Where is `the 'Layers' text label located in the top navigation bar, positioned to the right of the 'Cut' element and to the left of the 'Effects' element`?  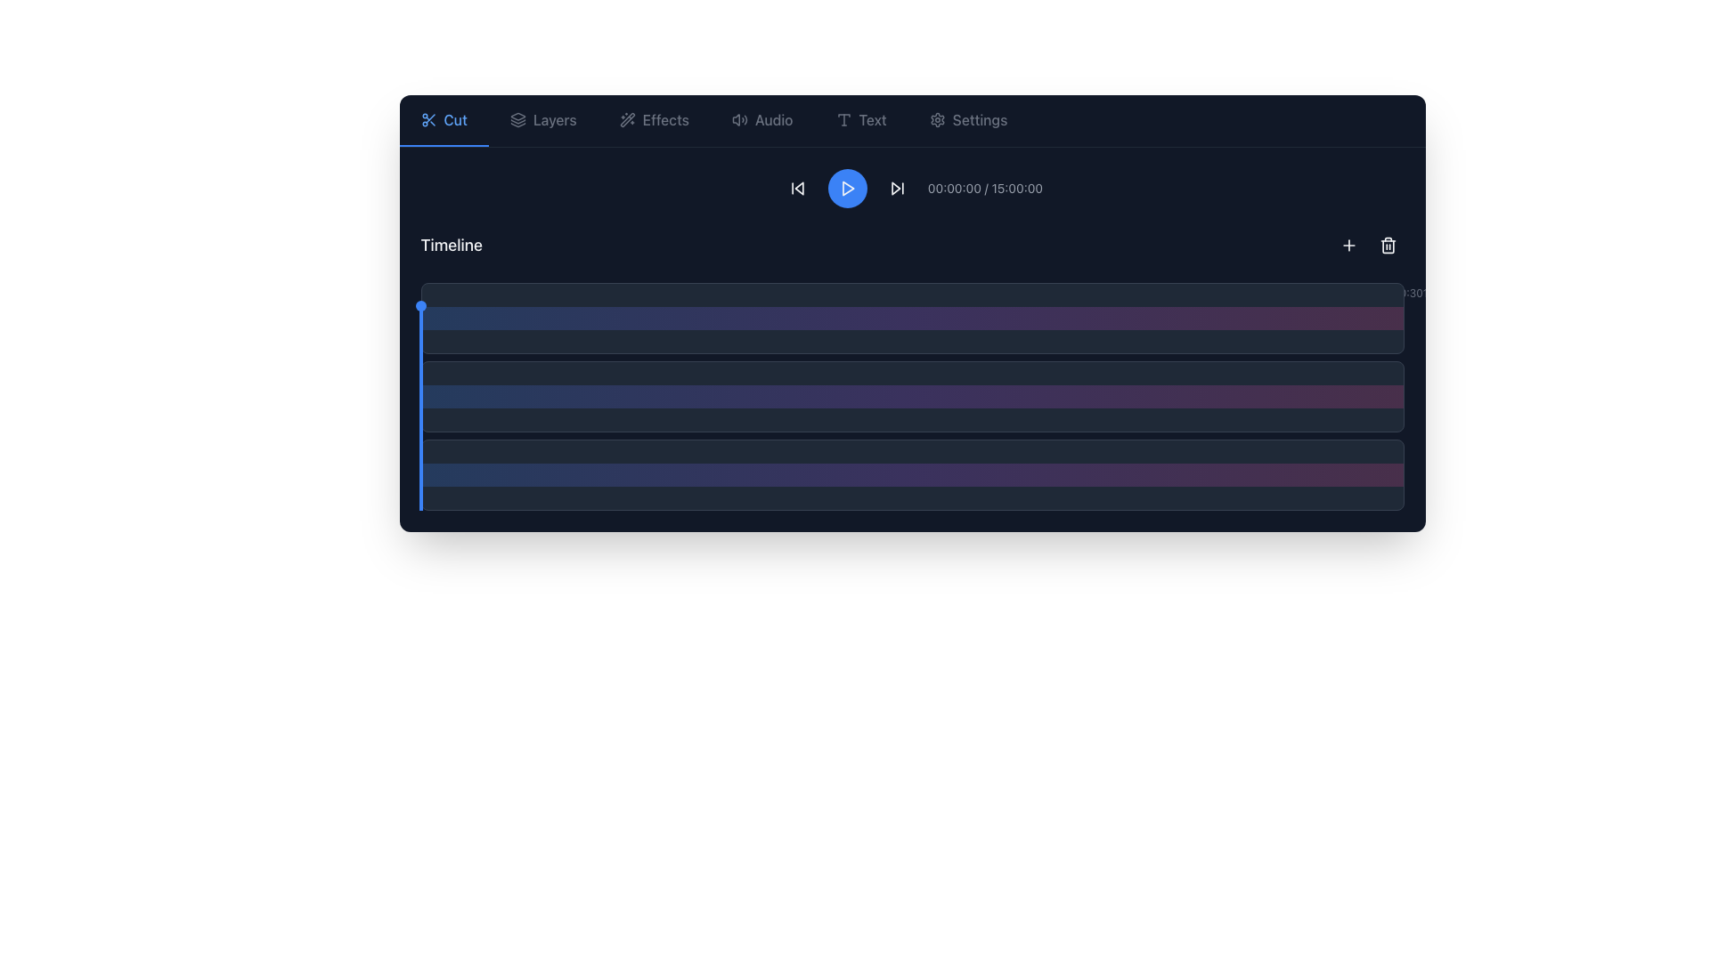
the 'Layers' text label located in the top navigation bar, positioned to the right of the 'Cut' element and to the left of the 'Effects' element is located at coordinates (554, 120).